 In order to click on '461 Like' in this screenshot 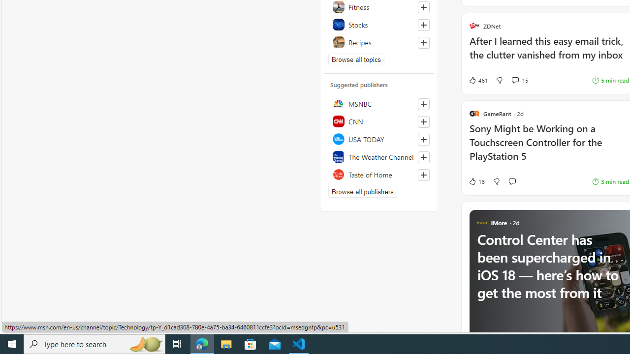, I will do `click(477, 80)`.